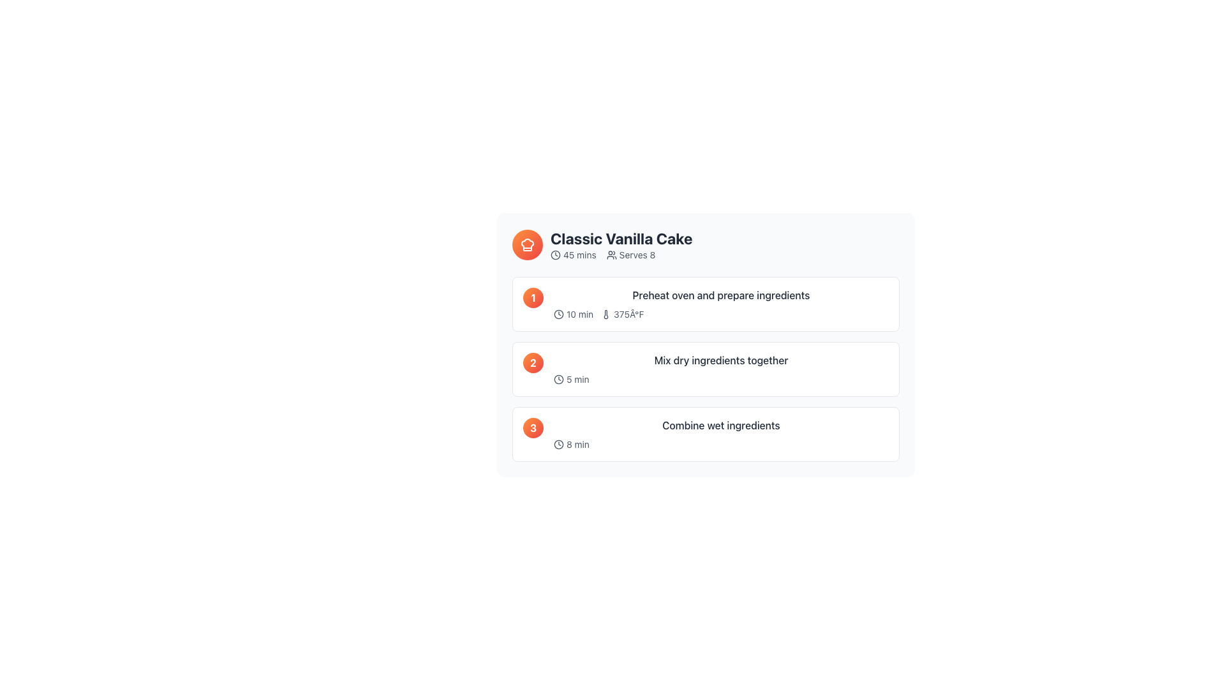 This screenshot has width=1225, height=689. Describe the element at coordinates (630, 255) in the screenshot. I see `the informational label for the recipe that shows 'Serves 8' with a group of people icon, located after the prep time indicator '45 mins' and near the title 'Classic Vanilla Cake'` at that location.